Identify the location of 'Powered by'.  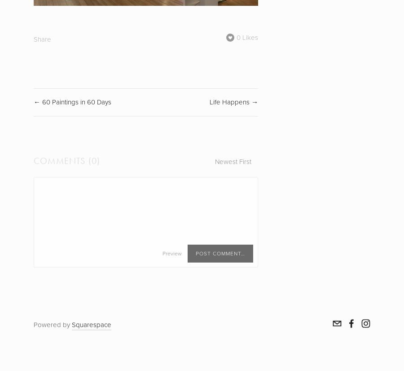
(53, 324).